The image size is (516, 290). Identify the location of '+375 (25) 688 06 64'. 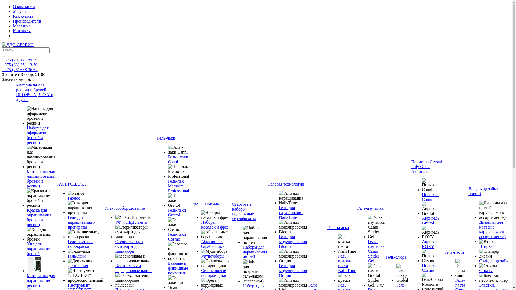
(2, 69).